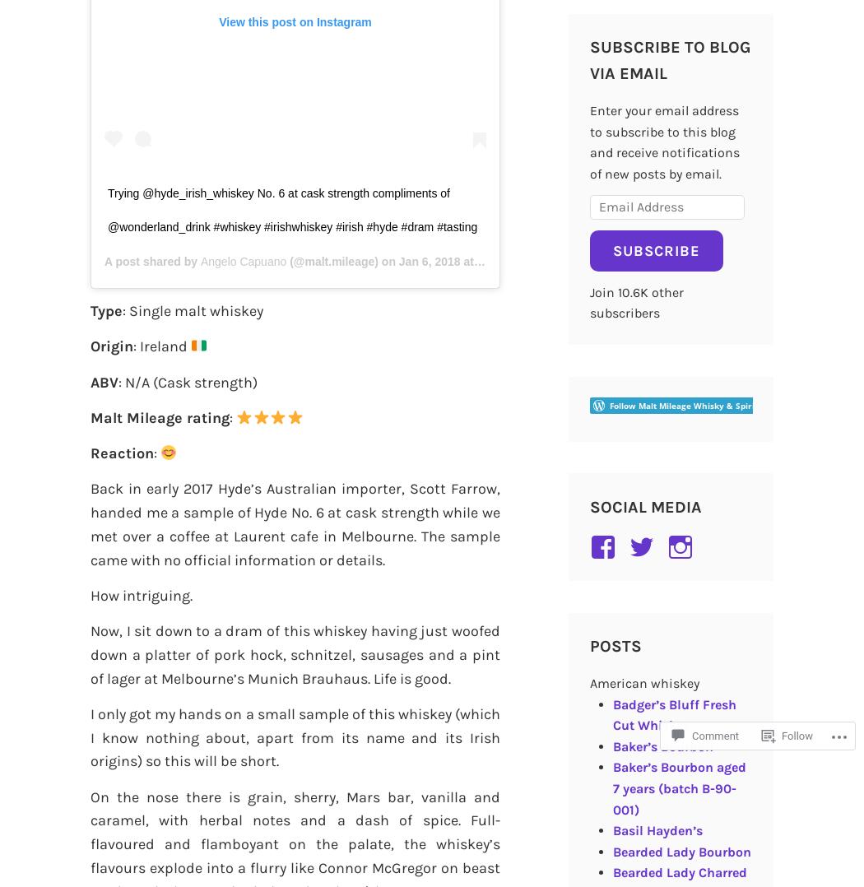  What do you see at coordinates (645, 506) in the screenshot?
I see `'Social Media'` at bounding box center [645, 506].